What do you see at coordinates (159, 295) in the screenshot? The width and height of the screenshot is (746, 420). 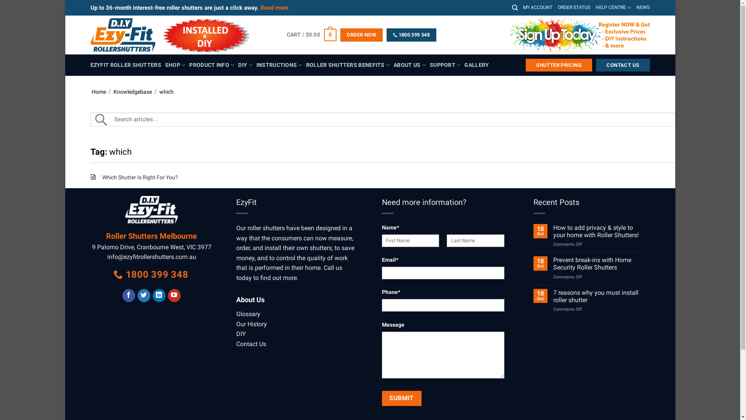 I see `'Follow on LinkedIn'` at bounding box center [159, 295].